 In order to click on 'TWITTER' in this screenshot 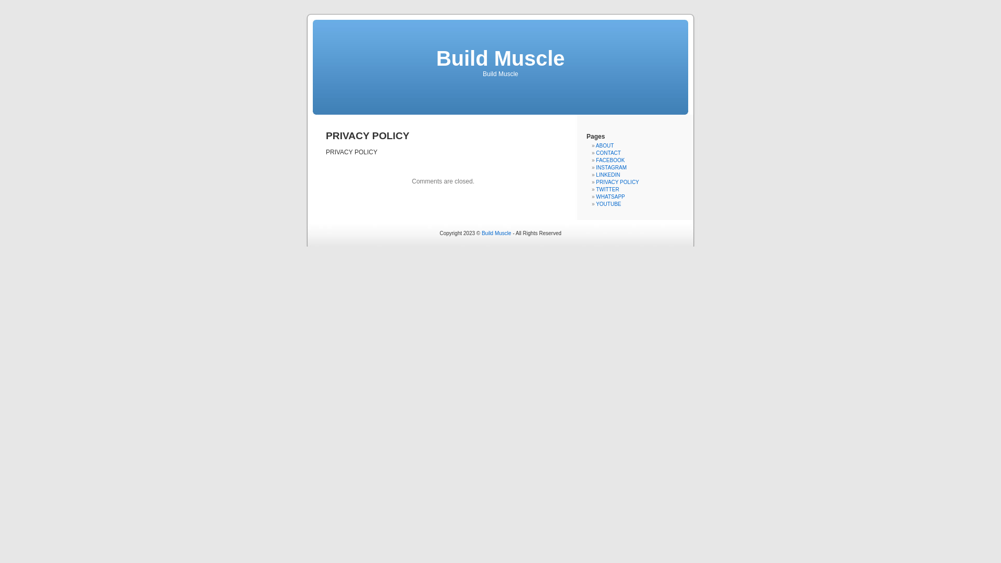, I will do `click(607, 189)`.